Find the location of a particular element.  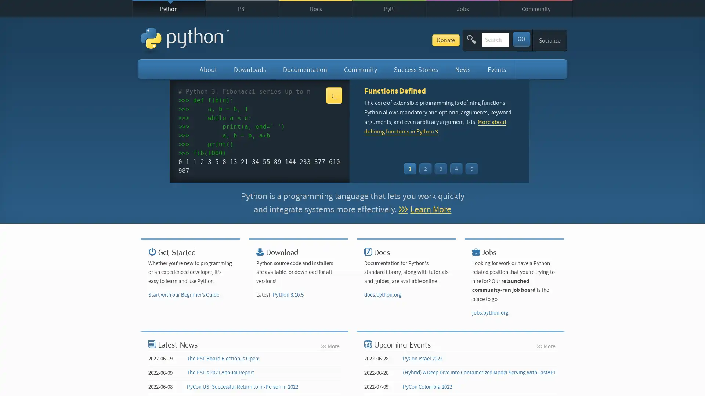

GO is located at coordinates (521, 38).